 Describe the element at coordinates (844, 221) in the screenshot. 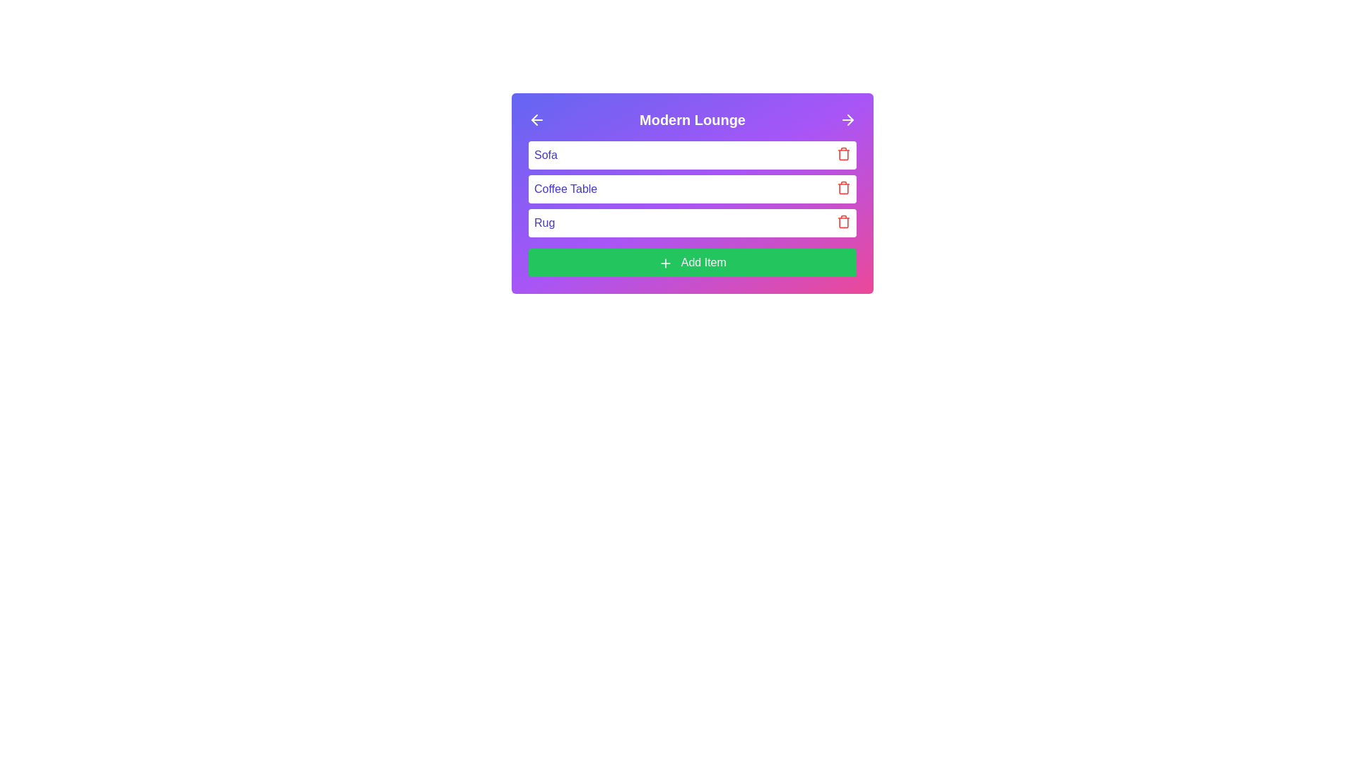

I see `the delete icon located to the far right of the 'Rug' entry in the item list` at that location.